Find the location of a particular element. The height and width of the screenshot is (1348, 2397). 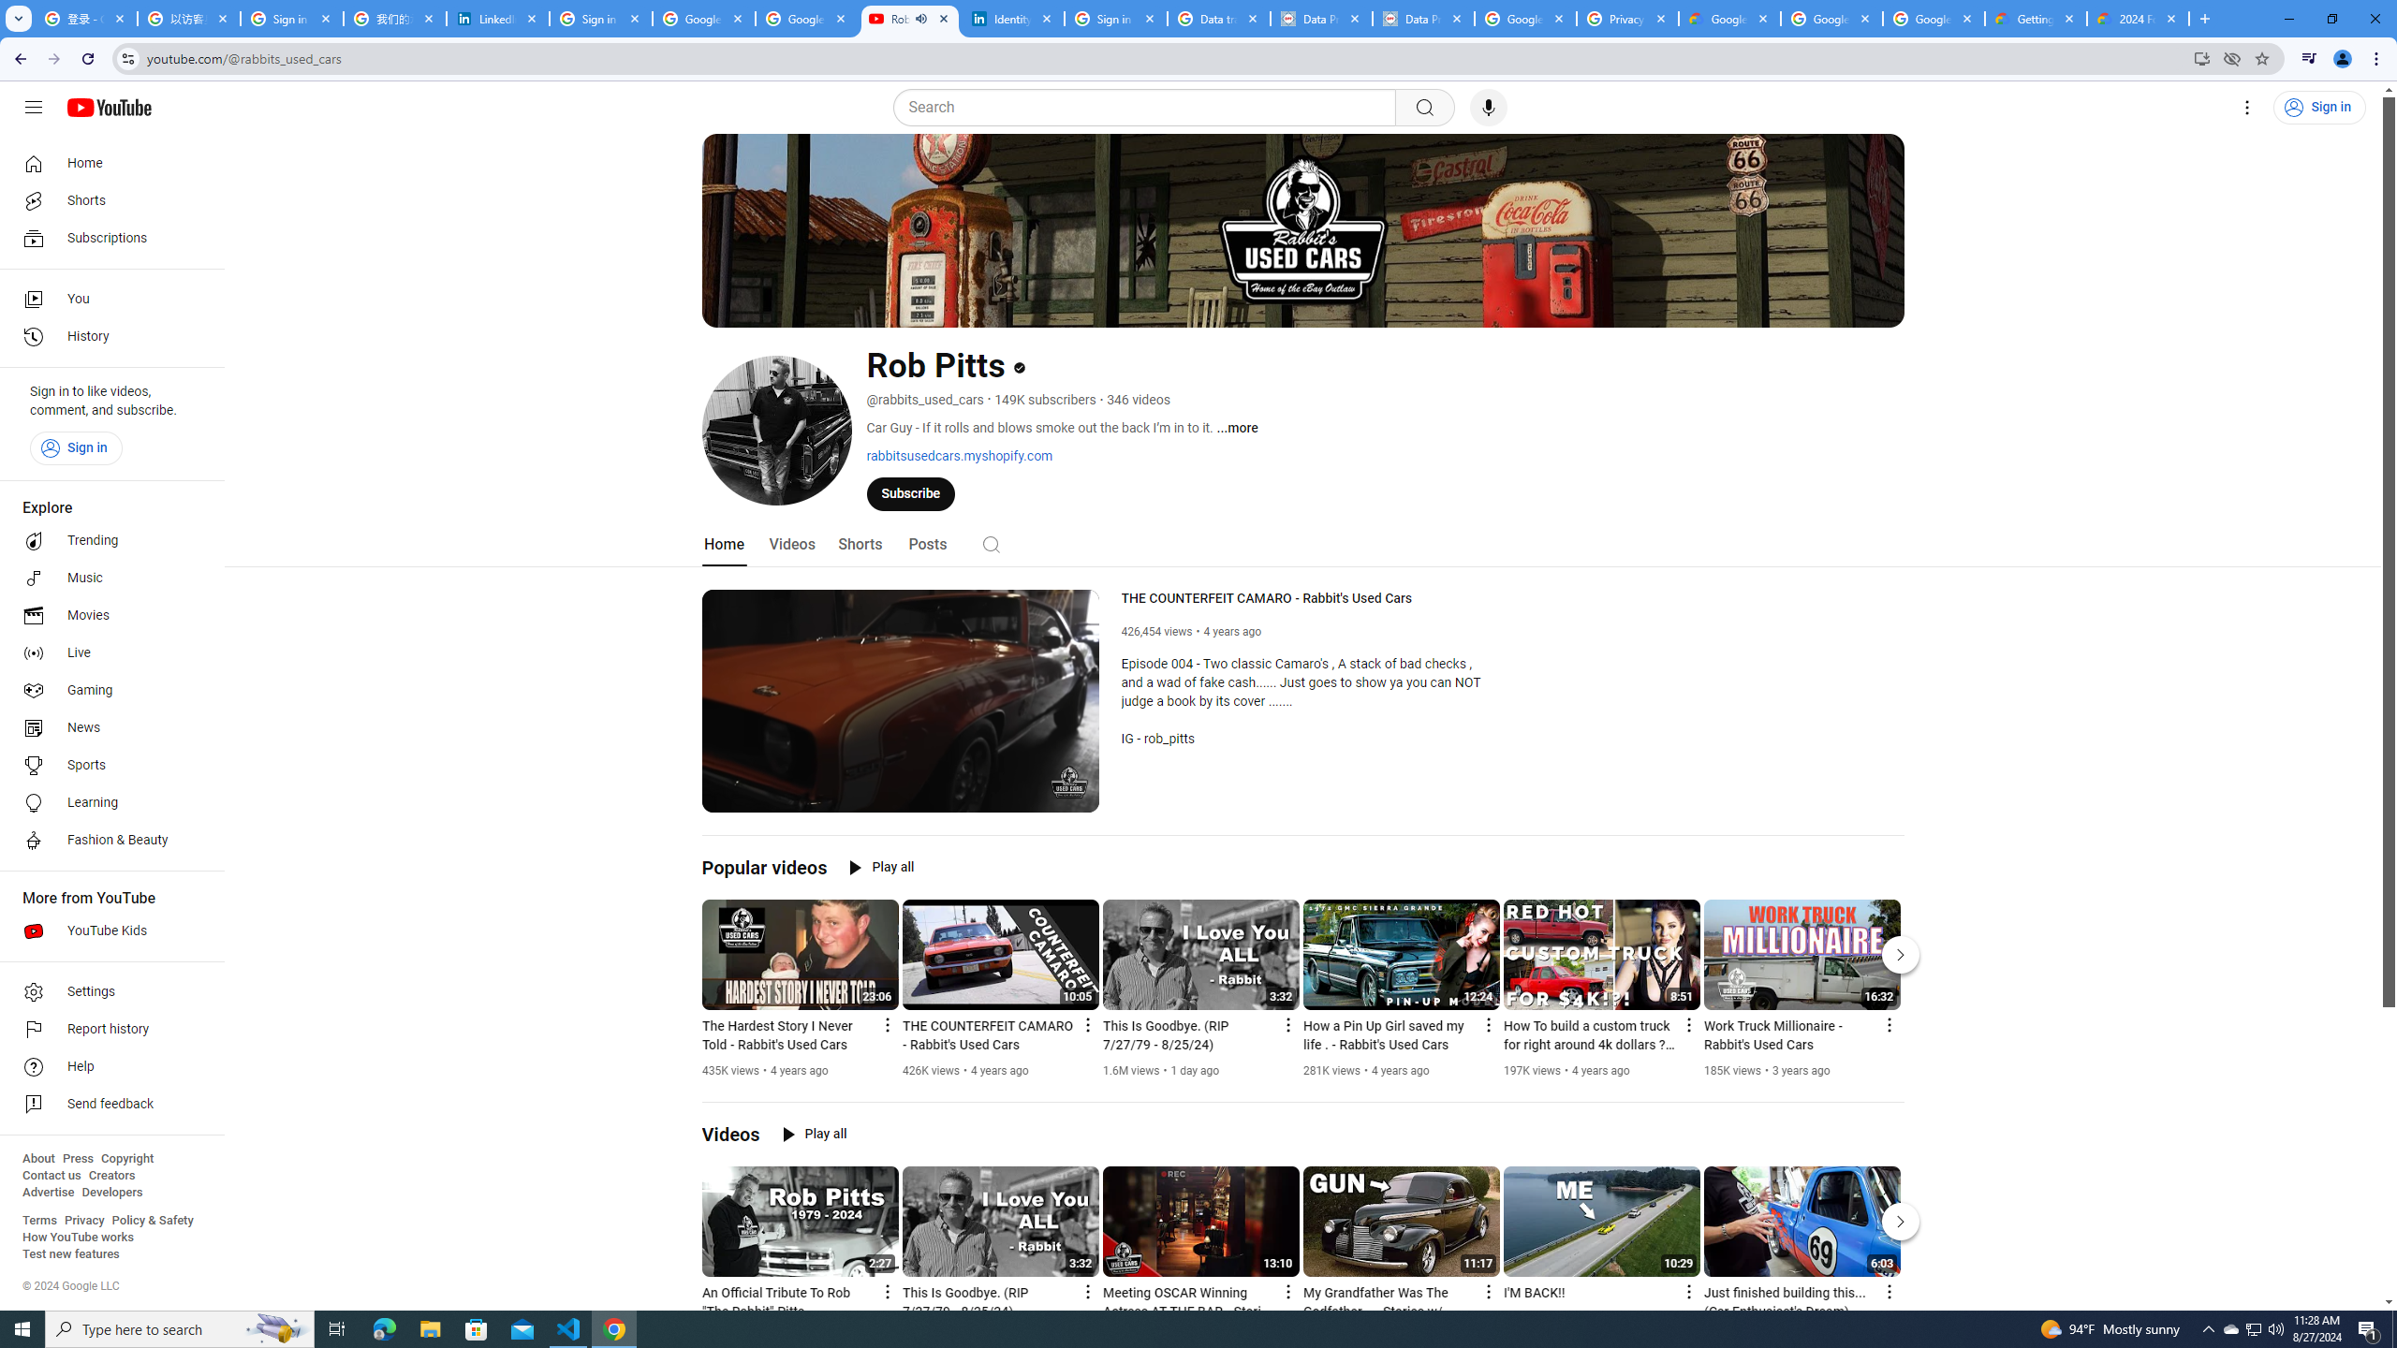

'Settings' is located at coordinates (106, 990).